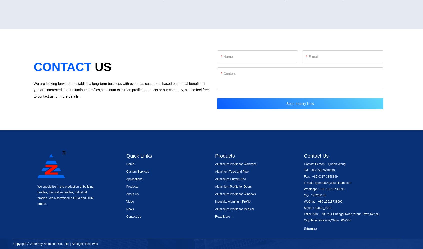 The height and width of the screenshot is (249, 423). Describe the element at coordinates (323, 201) in the screenshot. I see `'WeChat: : +86-15613738690'` at that location.